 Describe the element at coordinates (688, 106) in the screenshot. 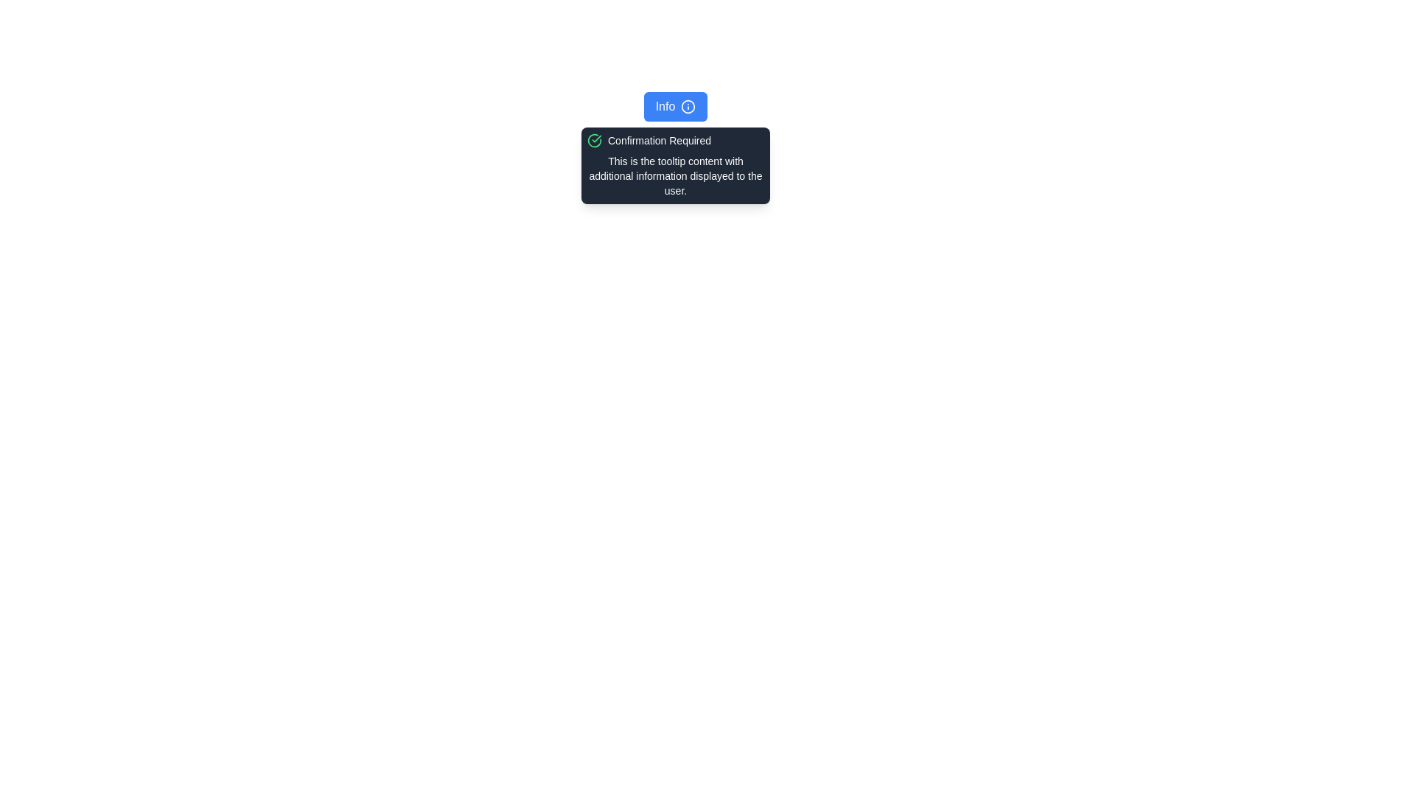

I see `the first SVG circle element located to the right of the 'Info' text in the UI, which serves as a graphical background or boundary` at that location.